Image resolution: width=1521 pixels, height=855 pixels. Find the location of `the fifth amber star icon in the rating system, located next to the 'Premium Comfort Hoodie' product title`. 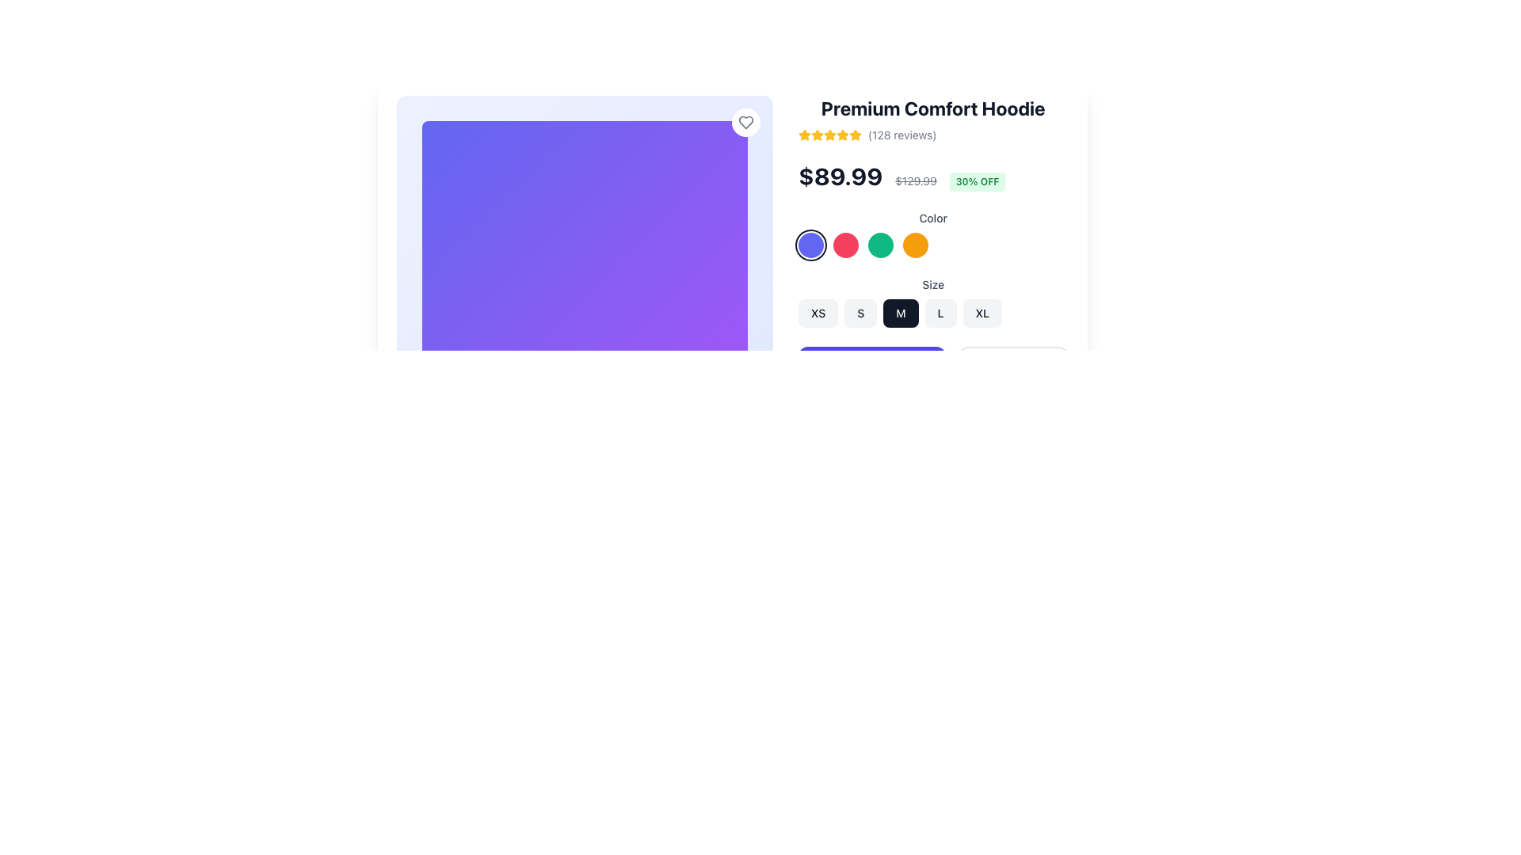

the fifth amber star icon in the rating system, located next to the 'Premium Comfort Hoodie' product title is located at coordinates (841, 134).